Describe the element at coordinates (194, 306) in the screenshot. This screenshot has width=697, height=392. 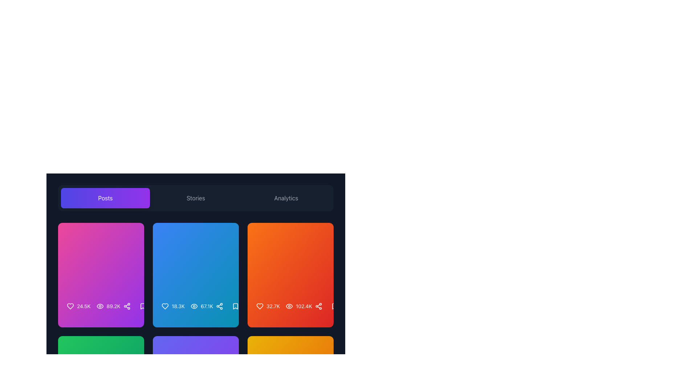
I see `'eye' icon indicating views, located next to the number '67.1K' in the bottom section of the second card from the left in the top row` at that location.